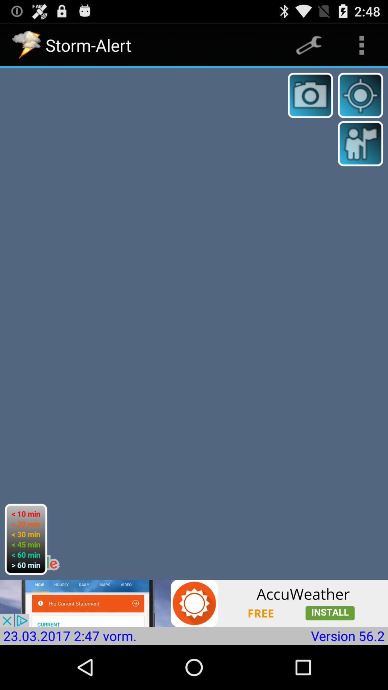  I want to click on take a picture, so click(310, 95).